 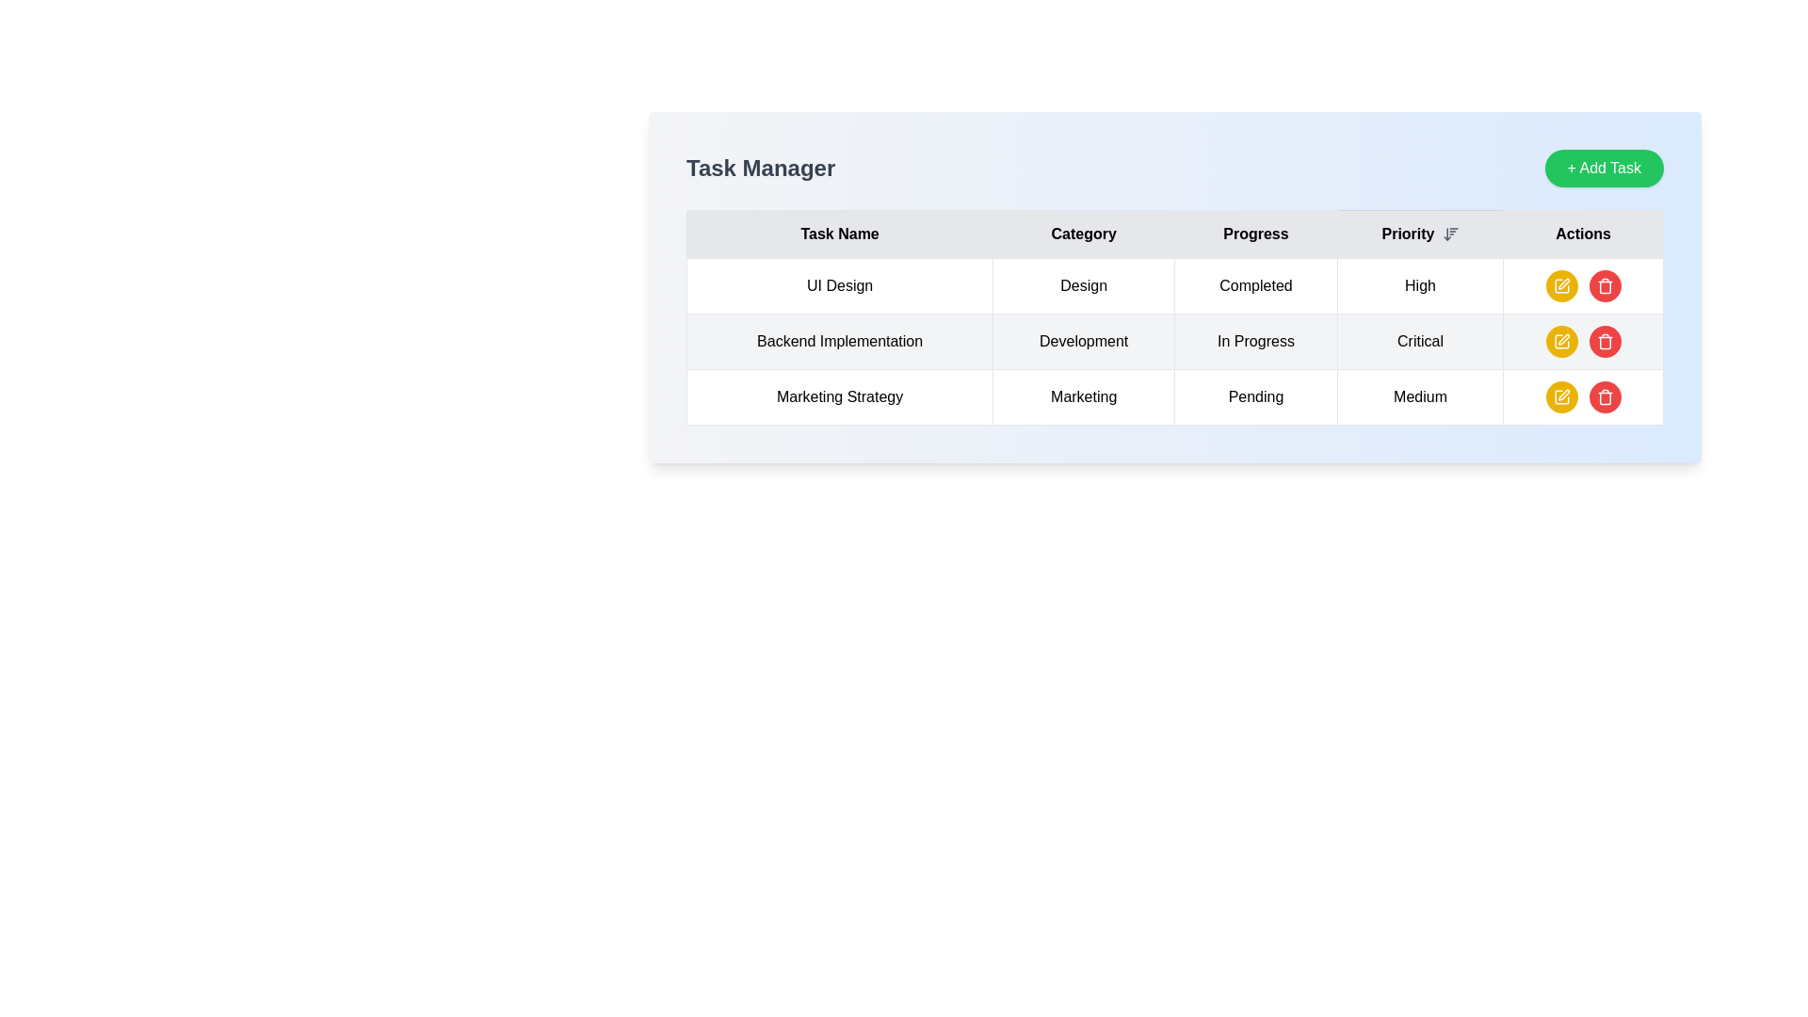 I want to click on the delete button for the 'Marketing Strategy' task, so click(x=1604, y=286).